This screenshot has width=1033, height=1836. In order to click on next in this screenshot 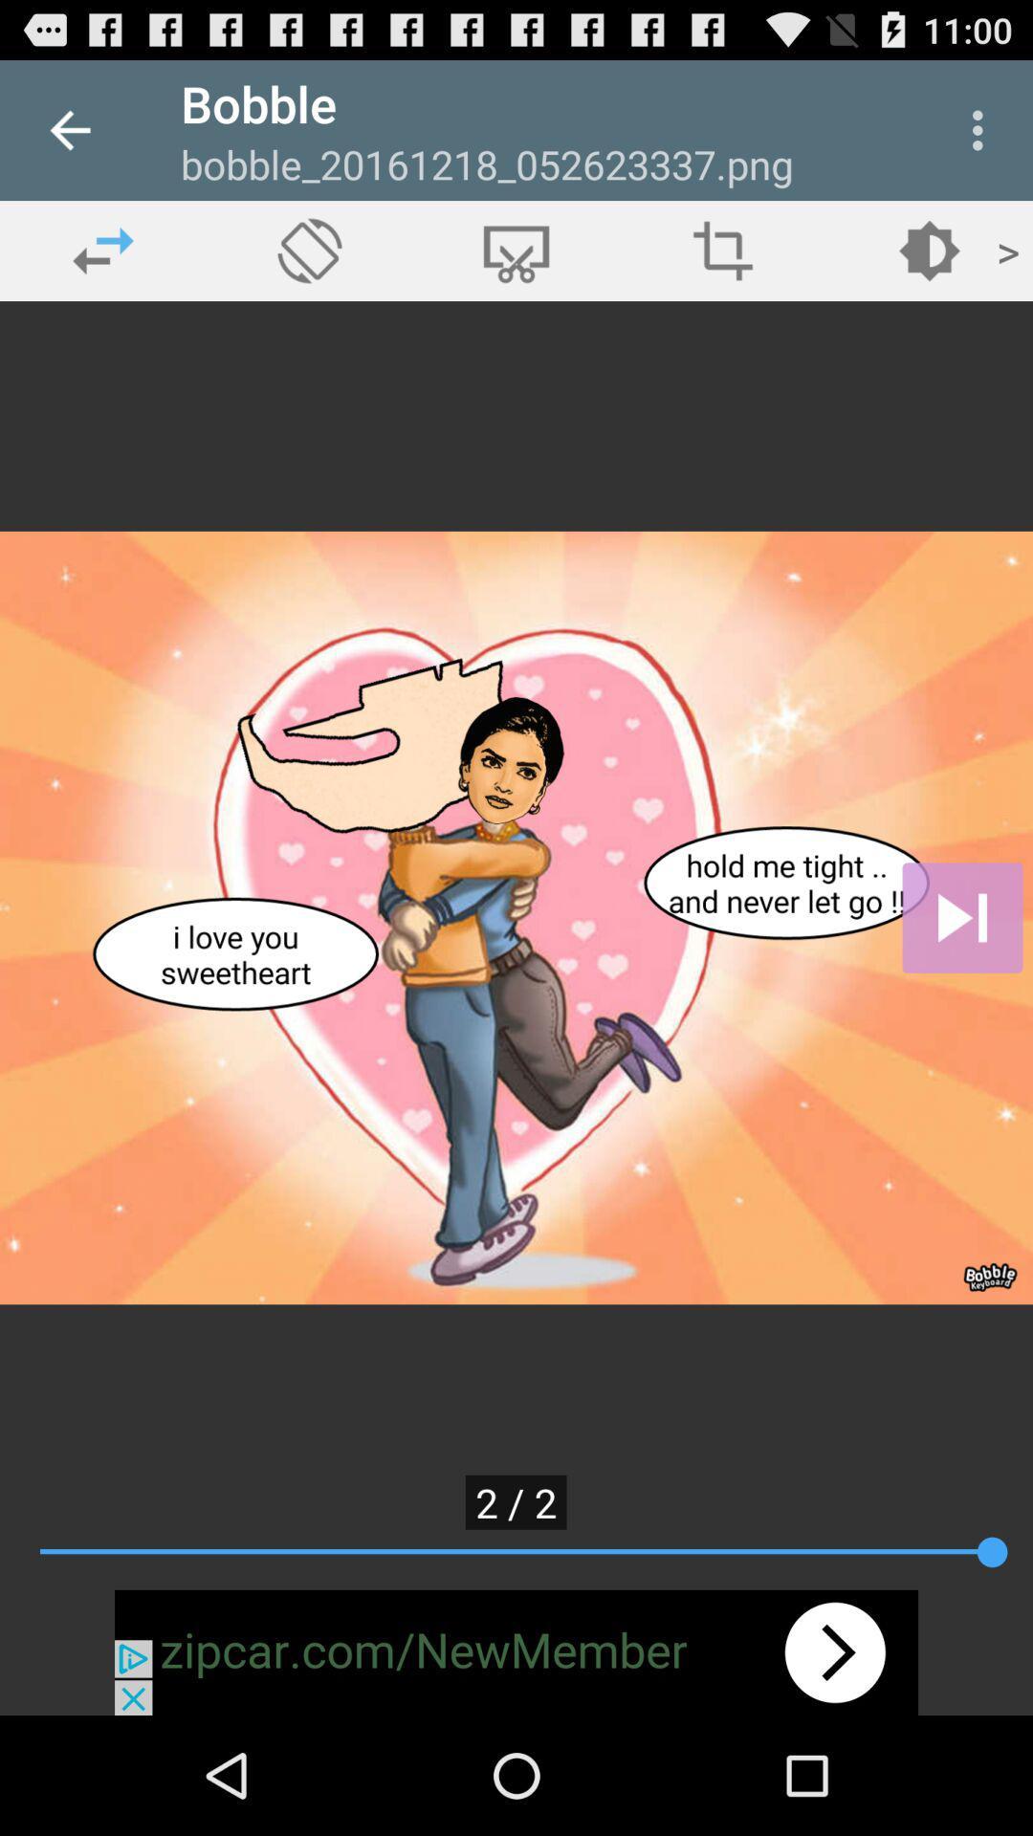, I will do `click(962, 918)`.